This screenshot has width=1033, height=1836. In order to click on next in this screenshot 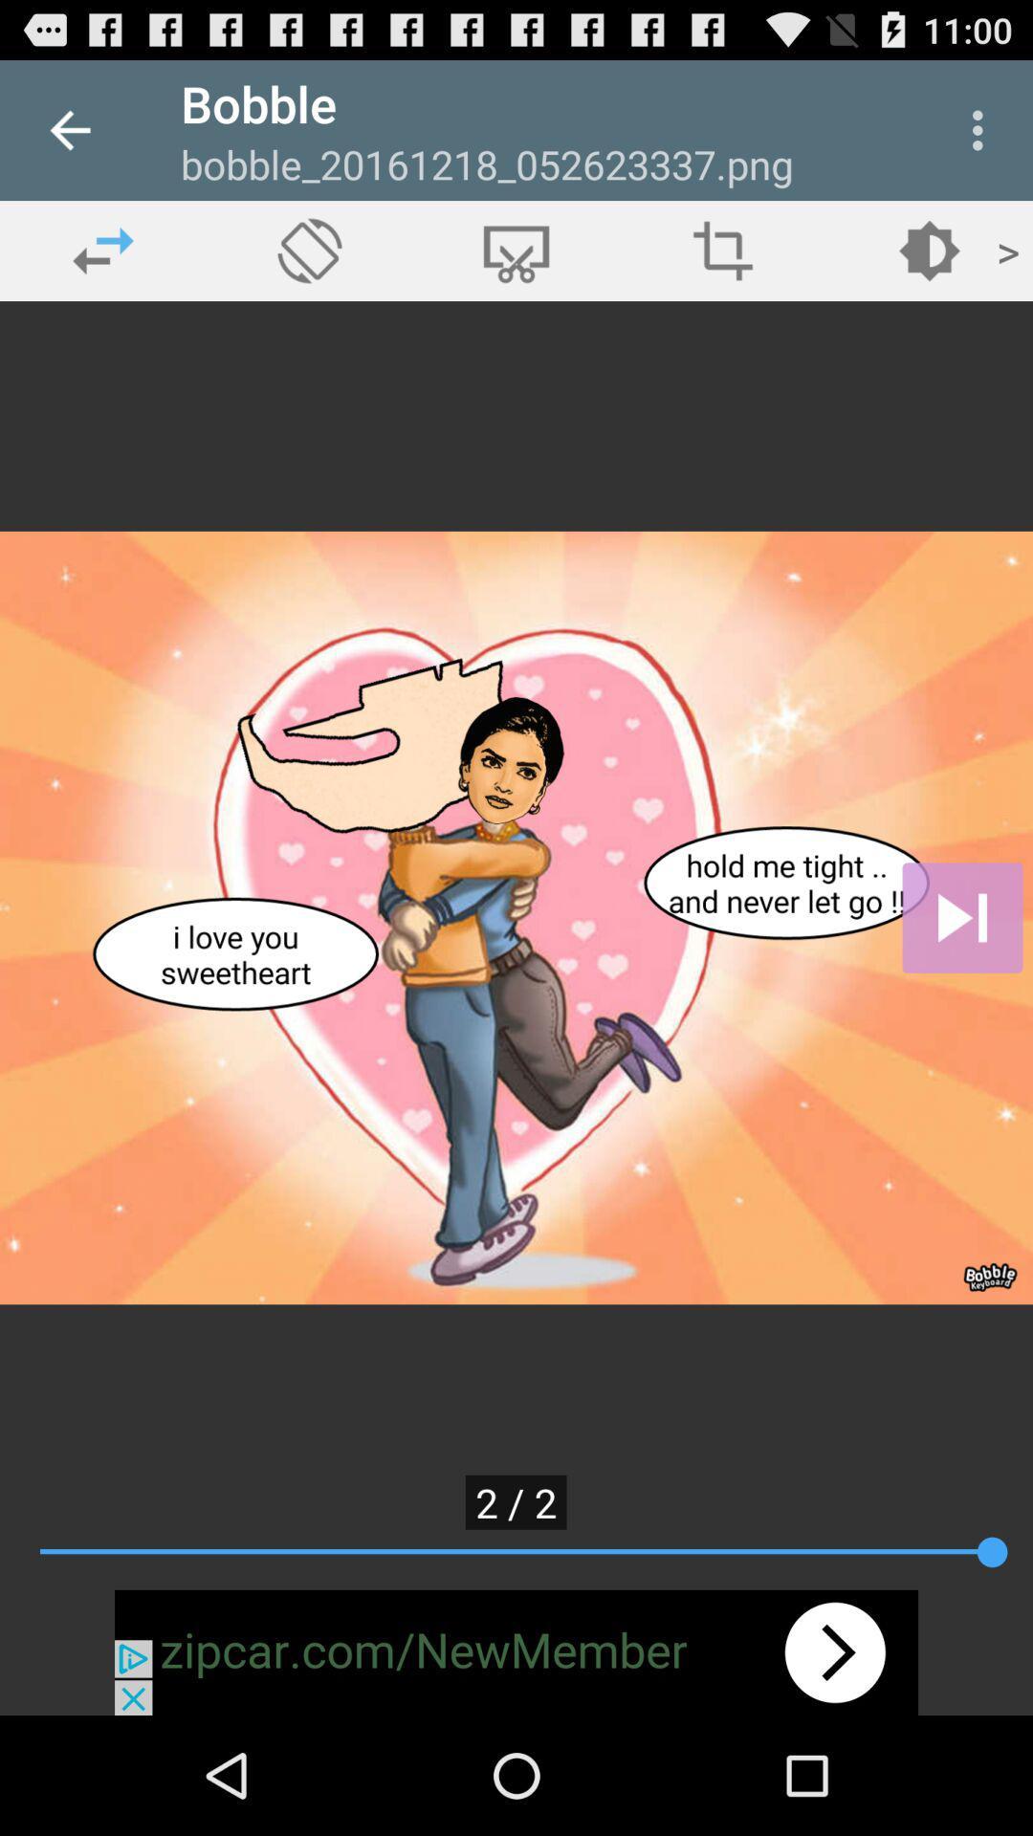, I will do `click(962, 918)`.